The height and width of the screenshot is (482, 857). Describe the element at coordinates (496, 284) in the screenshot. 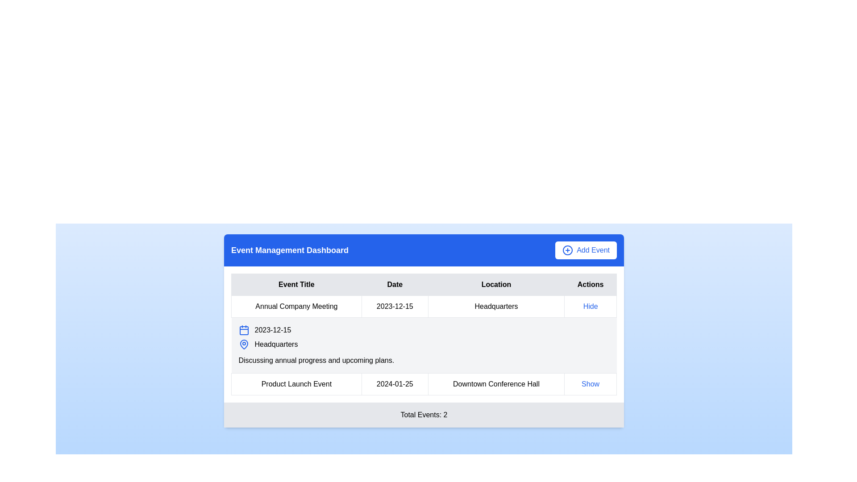

I see `the 'Location' Table Header Cell, which is the third column in the header row of a tabular interface, displaying the text 'Location' with a light gray background` at that location.